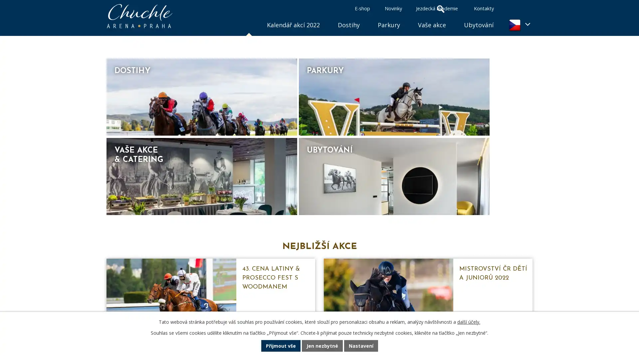 The width and height of the screenshot is (639, 359). Describe the element at coordinates (519, 25) in the screenshot. I see `cestina` at that location.